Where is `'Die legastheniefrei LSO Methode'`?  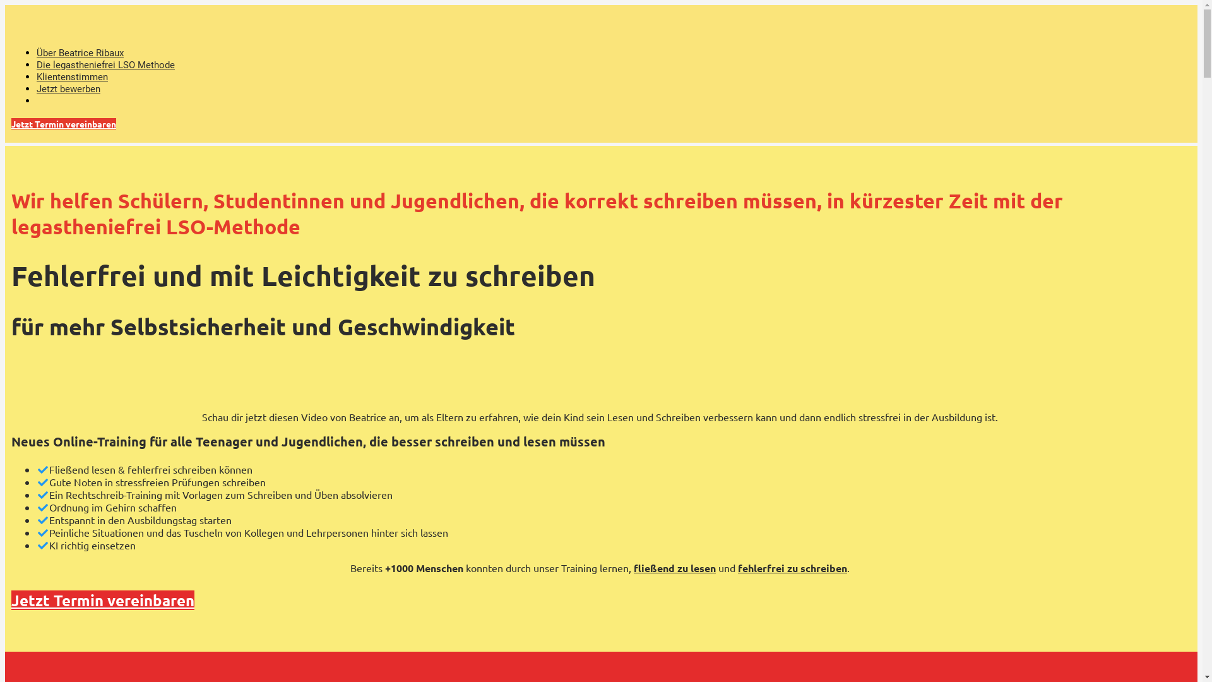 'Die legastheniefrei LSO Methode' is located at coordinates (36, 65).